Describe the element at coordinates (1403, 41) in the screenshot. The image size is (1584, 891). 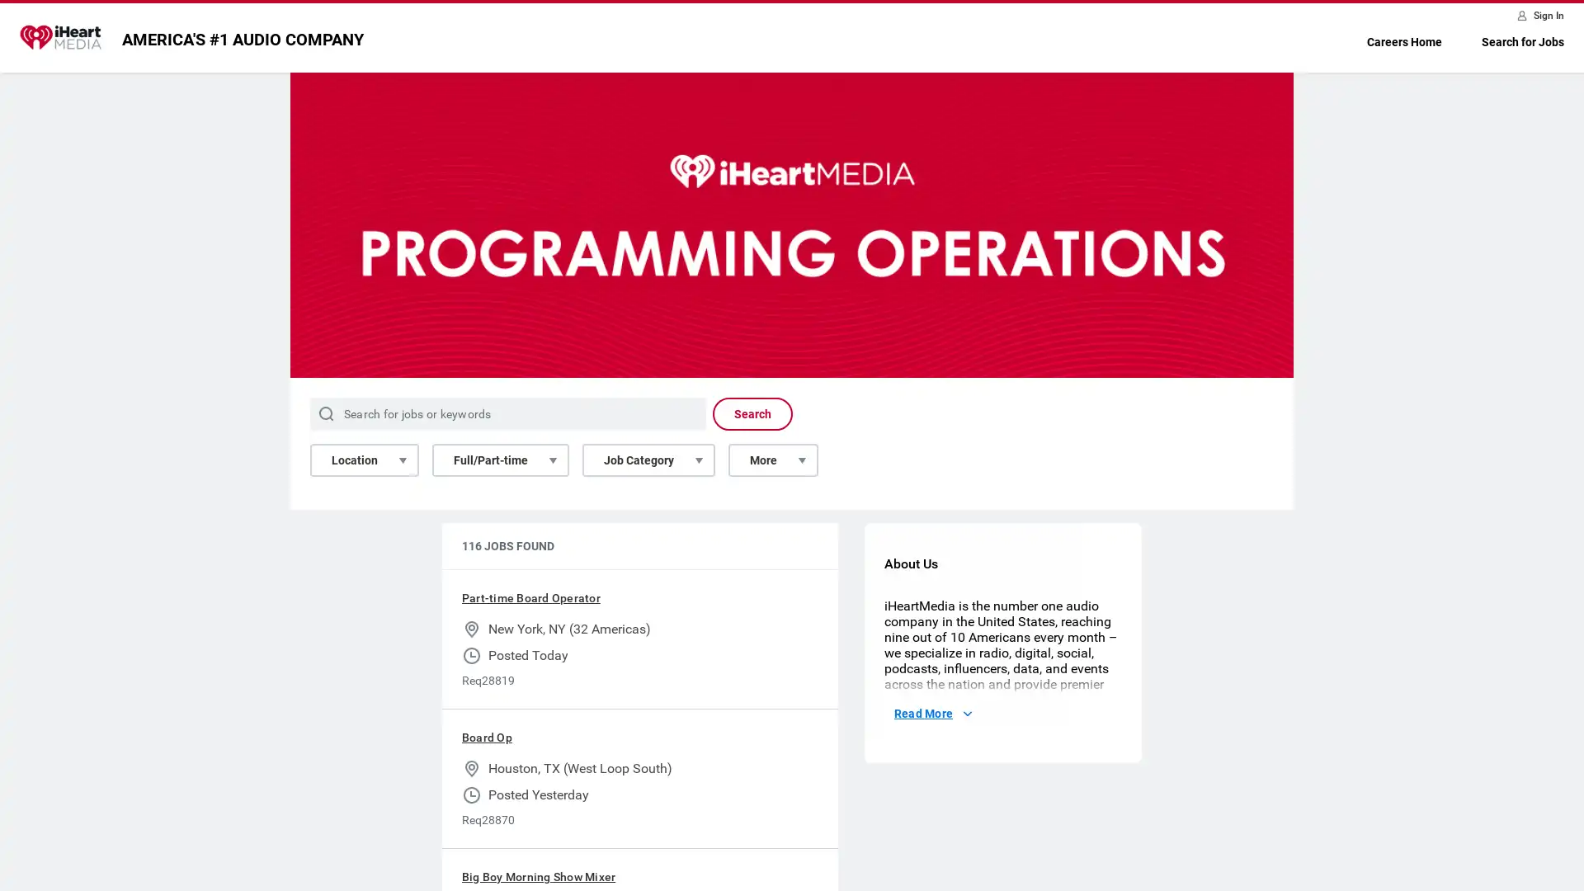
I see `Careers Home` at that location.